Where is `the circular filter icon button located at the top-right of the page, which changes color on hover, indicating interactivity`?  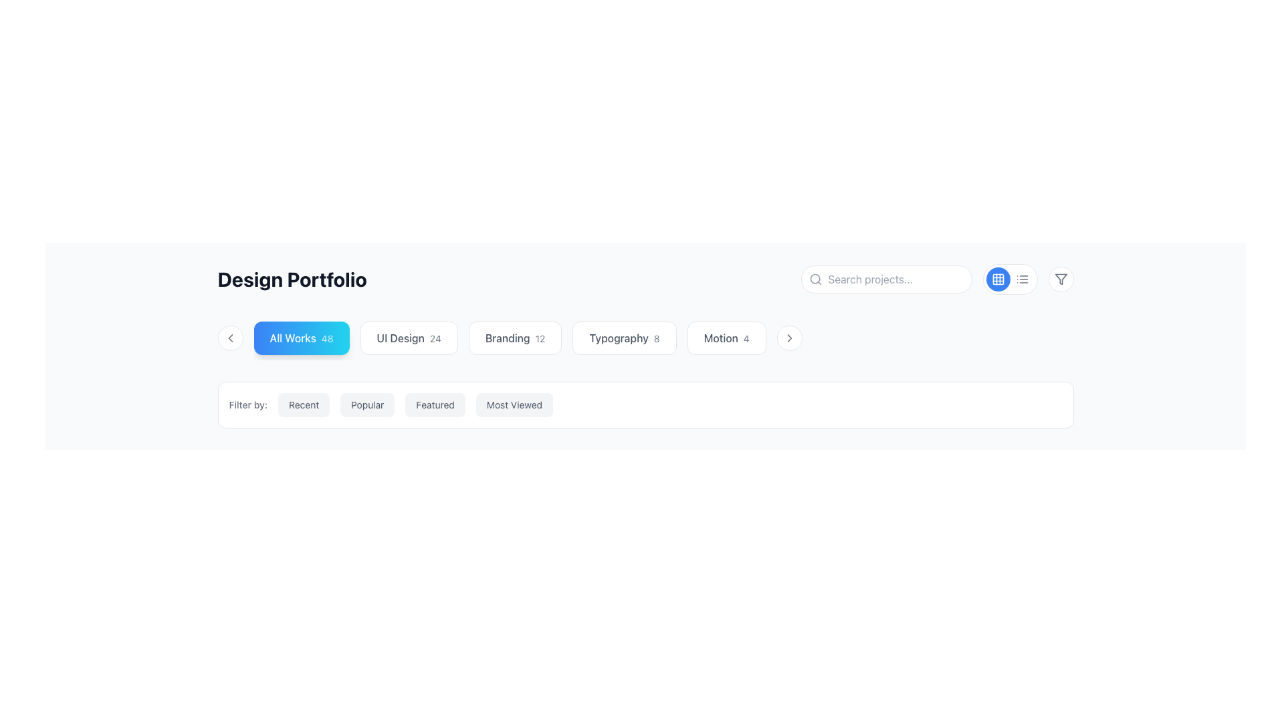 the circular filter icon button located at the top-right of the page, which changes color on hover, indicating interactivity is located at coordinates (1060, 278).